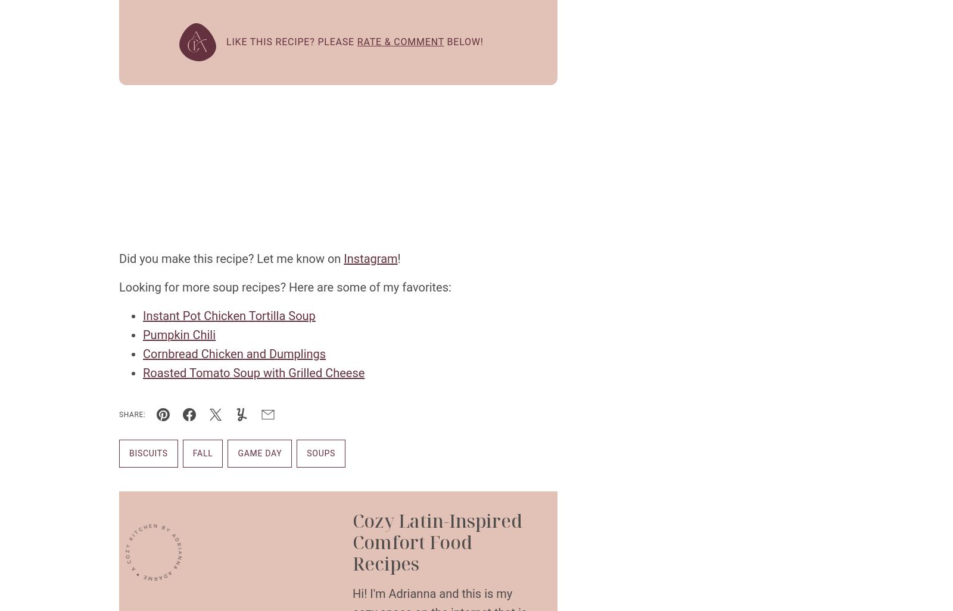 This screenshot has width=953, height=611. Describe the element at coordinates (234, 353) in the screenshot. I see `'Cornbread Chicken and Dumplings'` at that location.